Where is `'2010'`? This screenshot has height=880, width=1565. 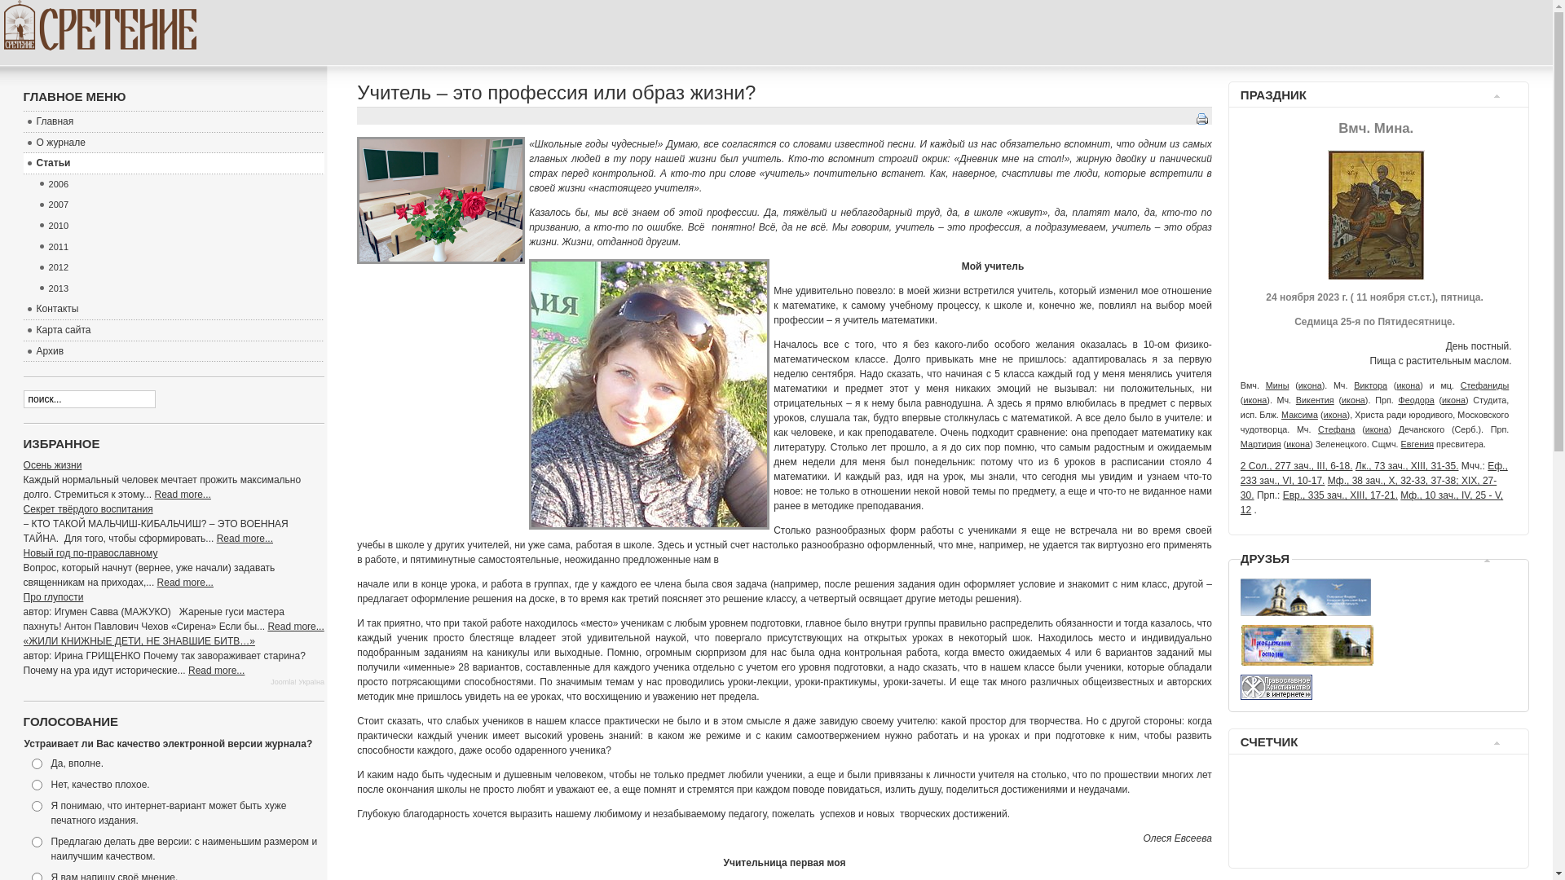 '2010' is located at coordinates (179, 226).